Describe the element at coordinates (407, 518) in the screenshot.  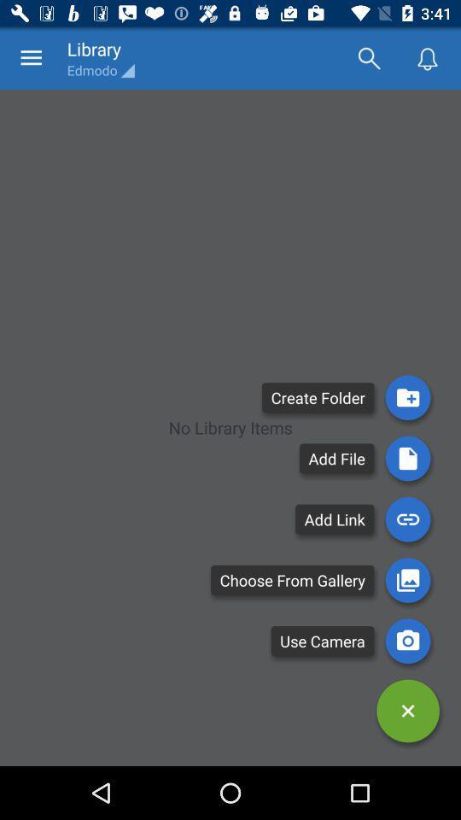
I see `a link` at that location.